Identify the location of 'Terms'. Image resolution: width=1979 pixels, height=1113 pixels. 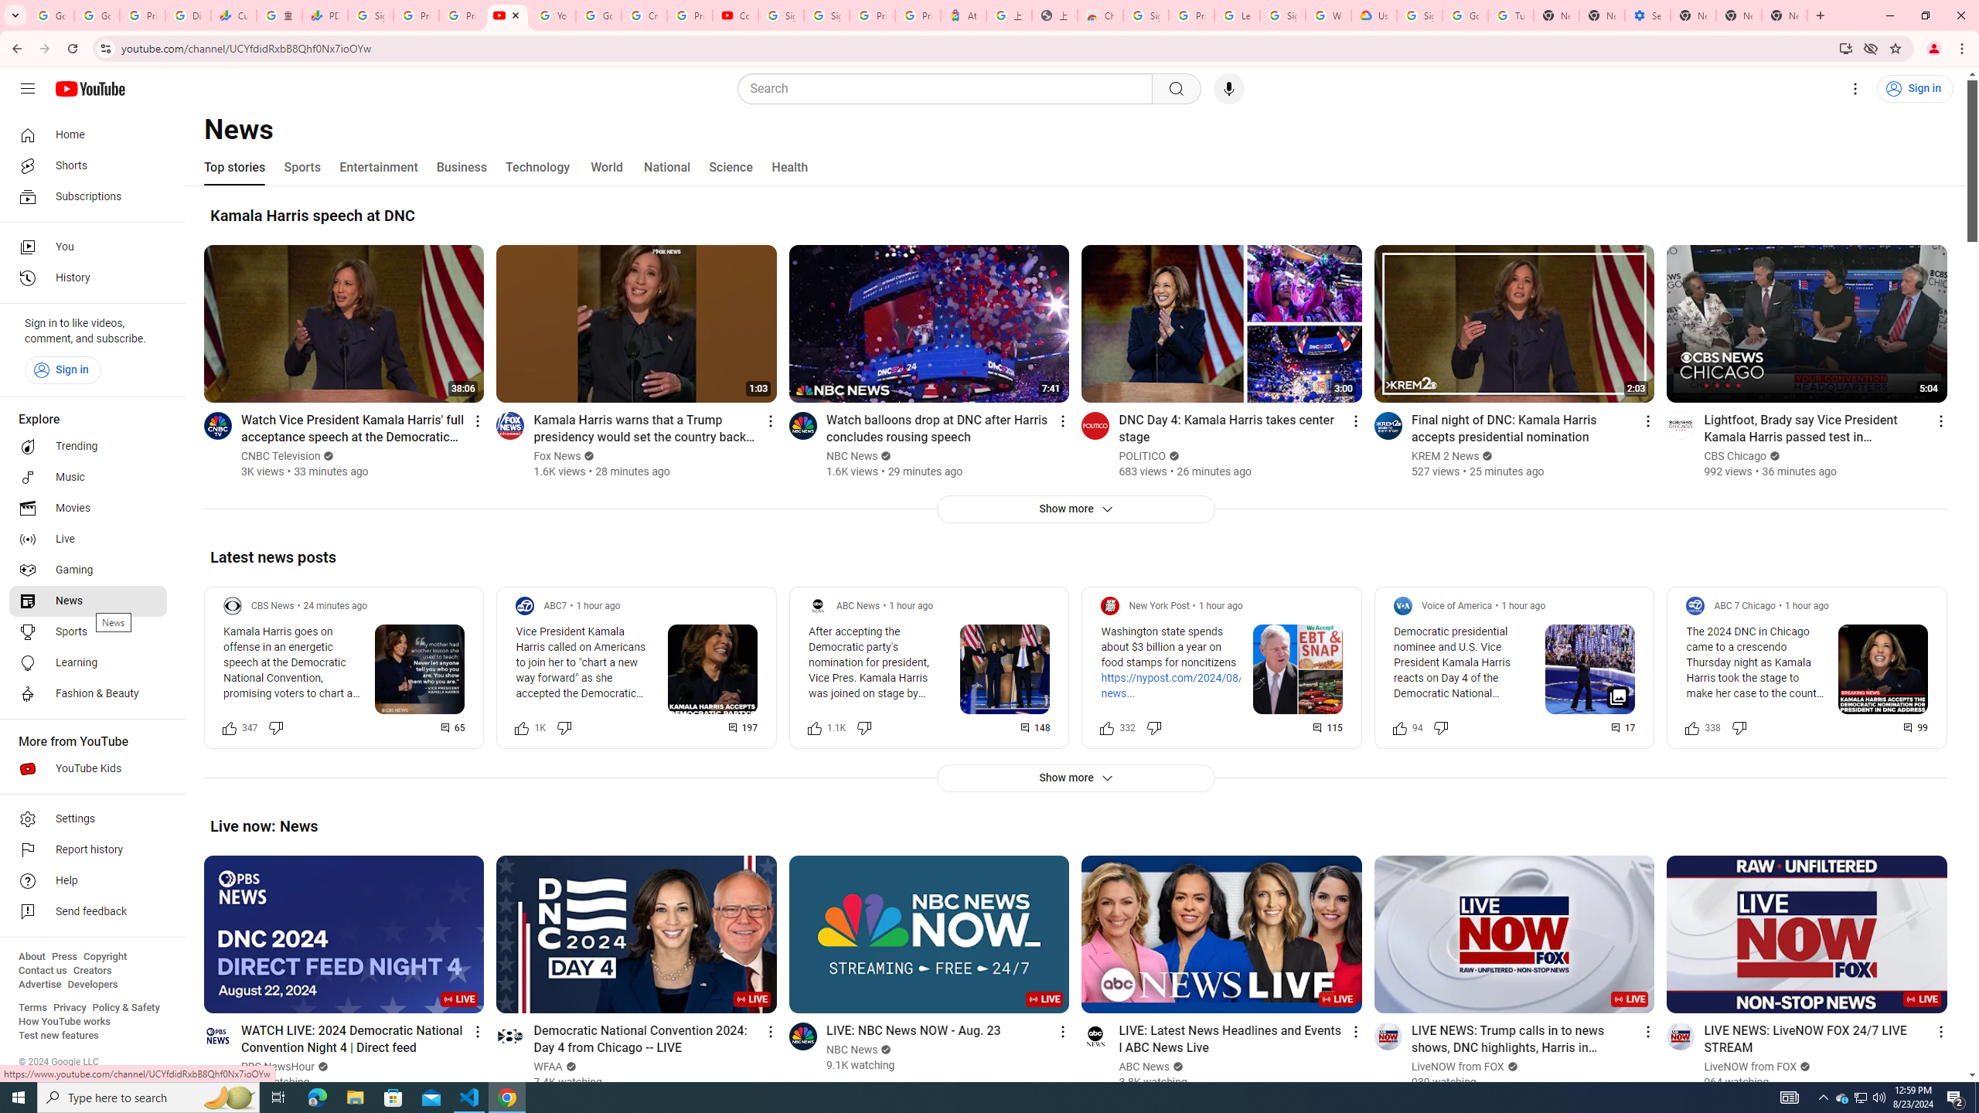
(32, 1006).